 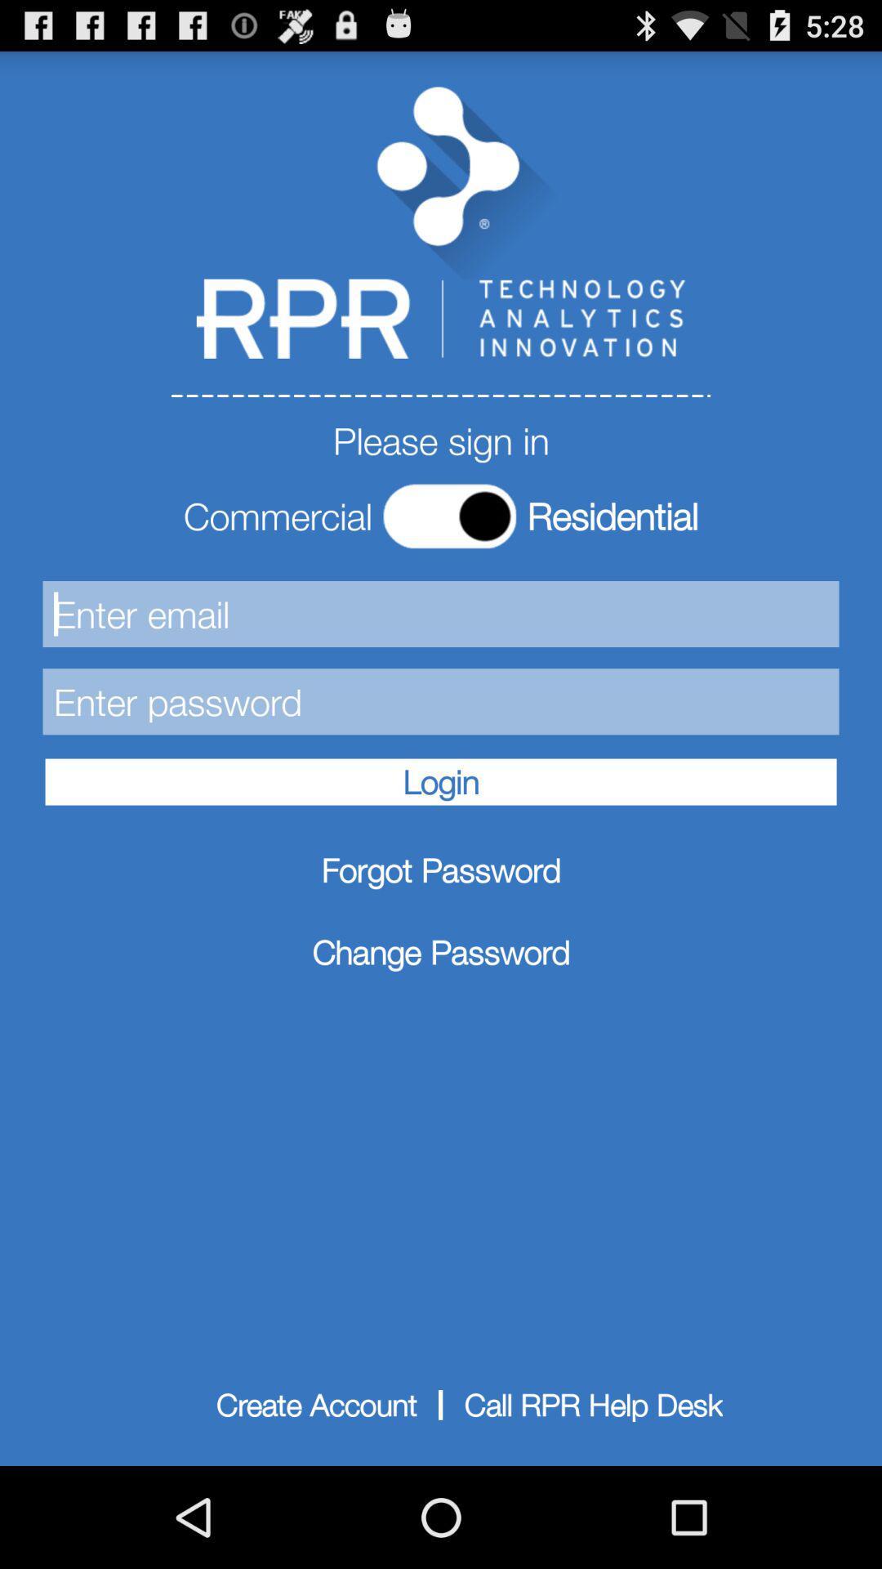 I want to click on option below forgot password, so click(x=441, y=952).